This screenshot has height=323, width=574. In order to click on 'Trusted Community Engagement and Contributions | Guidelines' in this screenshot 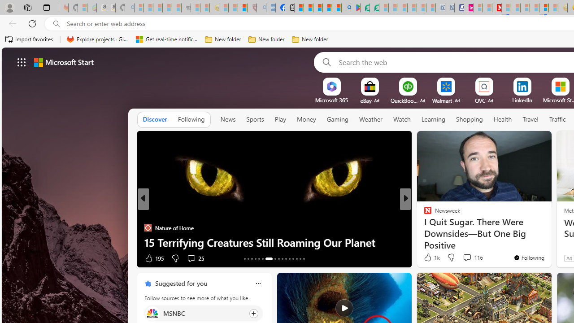, I will do `click(506, 8)`.